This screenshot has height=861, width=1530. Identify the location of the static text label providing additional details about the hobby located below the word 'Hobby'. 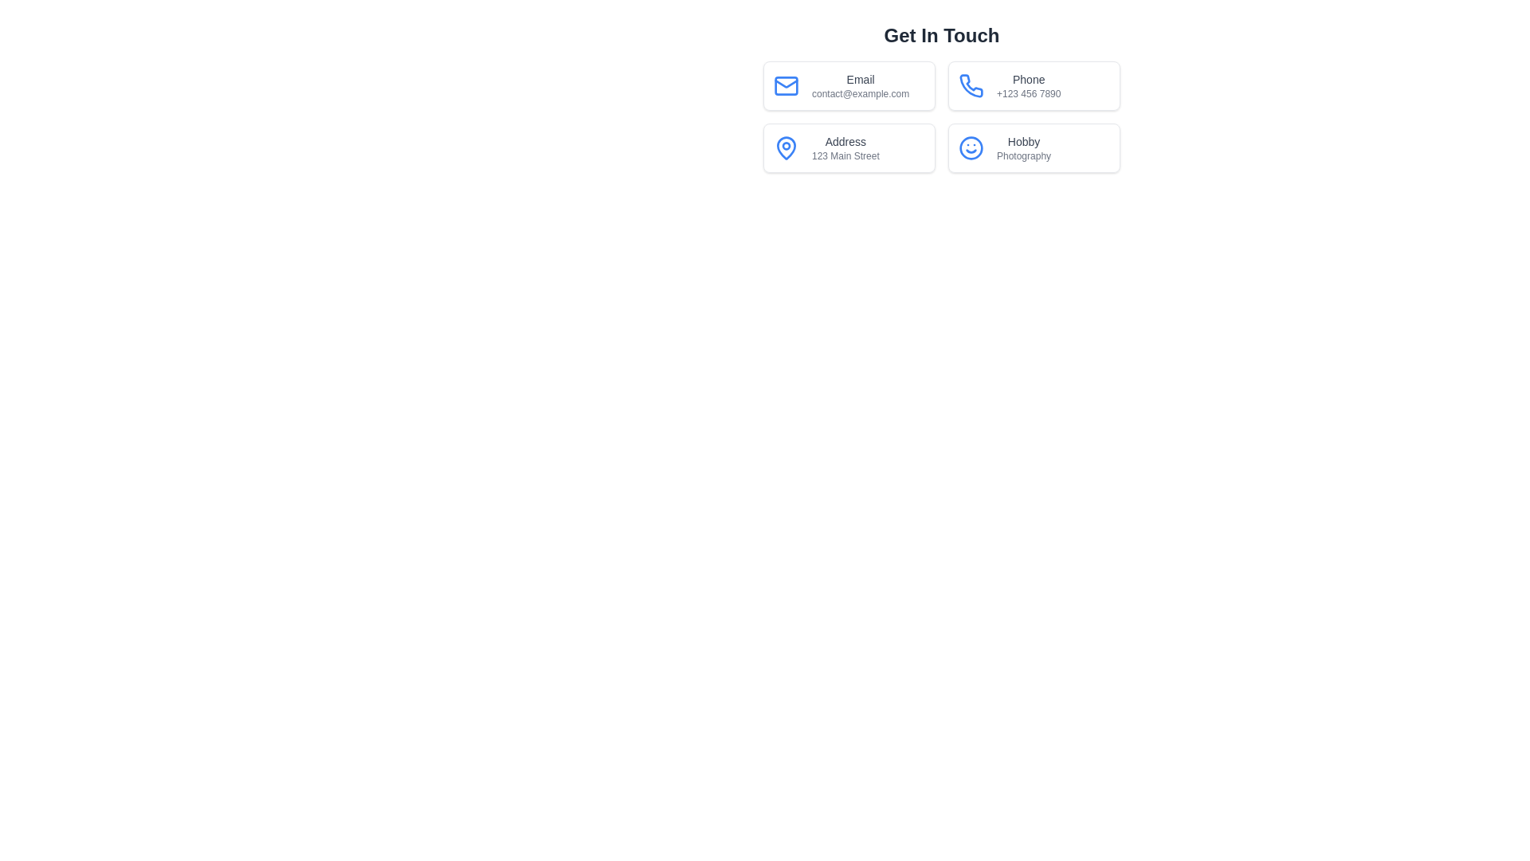
(1024, 156).